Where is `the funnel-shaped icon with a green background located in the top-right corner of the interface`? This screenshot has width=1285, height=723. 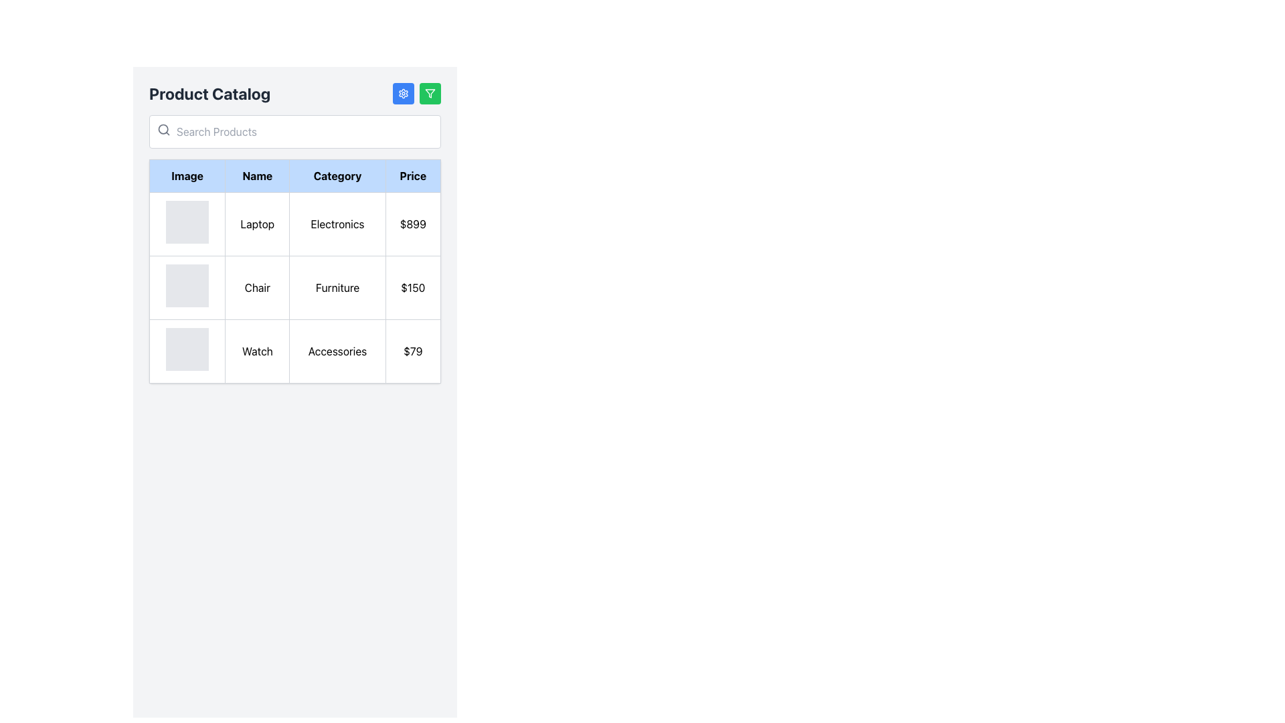 the funnel-shaped icon with a green background located in the top-right corner of the interface is located at coordinates (430, 92).